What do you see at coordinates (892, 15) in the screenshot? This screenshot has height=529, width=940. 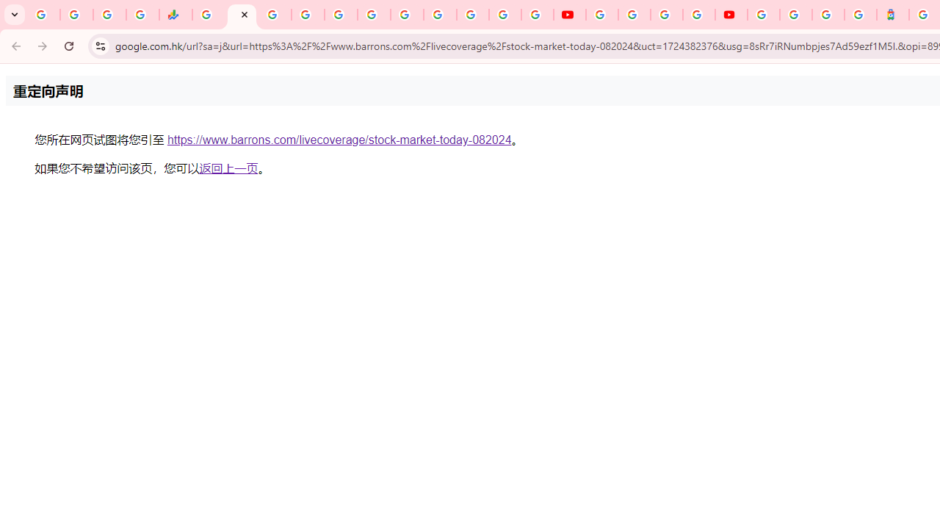 I see `'Atour Hotel - Google hotels'` at bounding box center [892, 15].